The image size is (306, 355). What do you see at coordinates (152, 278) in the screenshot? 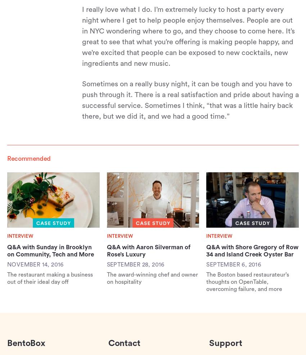
I see `'The award-winning chef and owner on hospitality'` at bounding box center [152, 278].